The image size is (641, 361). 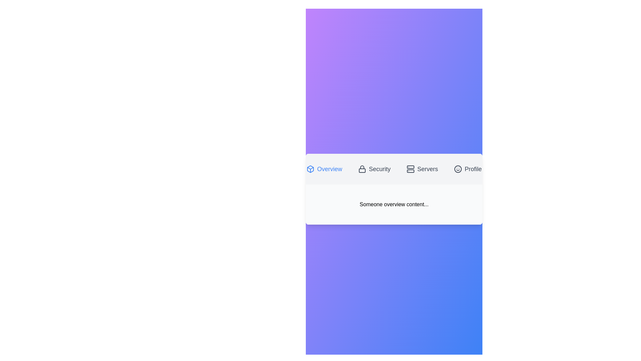 What do you see at coordinates (310, 168) in the screenshot?
I see `the 'Overview' tab icon in the navigation menu` at bounding box center [310, 168].